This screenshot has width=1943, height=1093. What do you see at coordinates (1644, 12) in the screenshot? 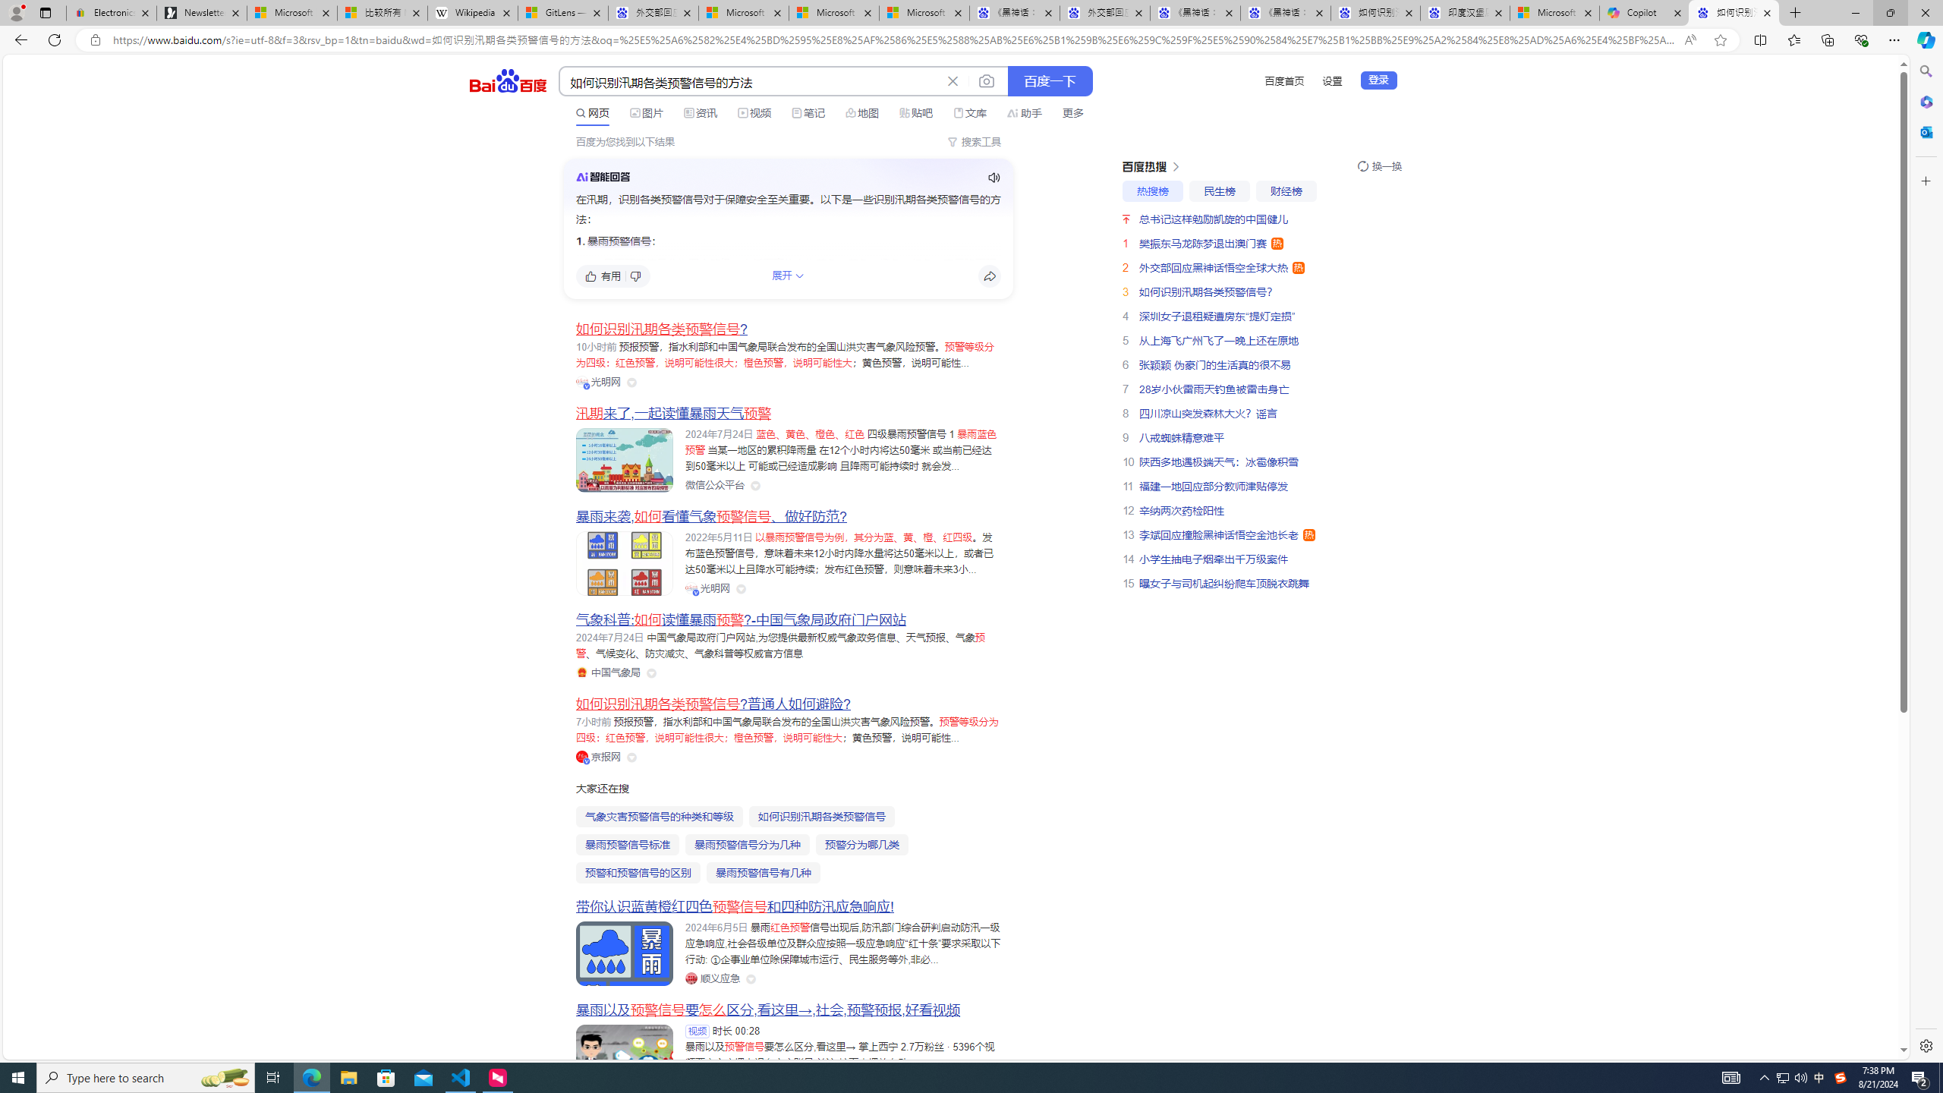
I see `'Copilot'` at bounding box center [1644, 12].